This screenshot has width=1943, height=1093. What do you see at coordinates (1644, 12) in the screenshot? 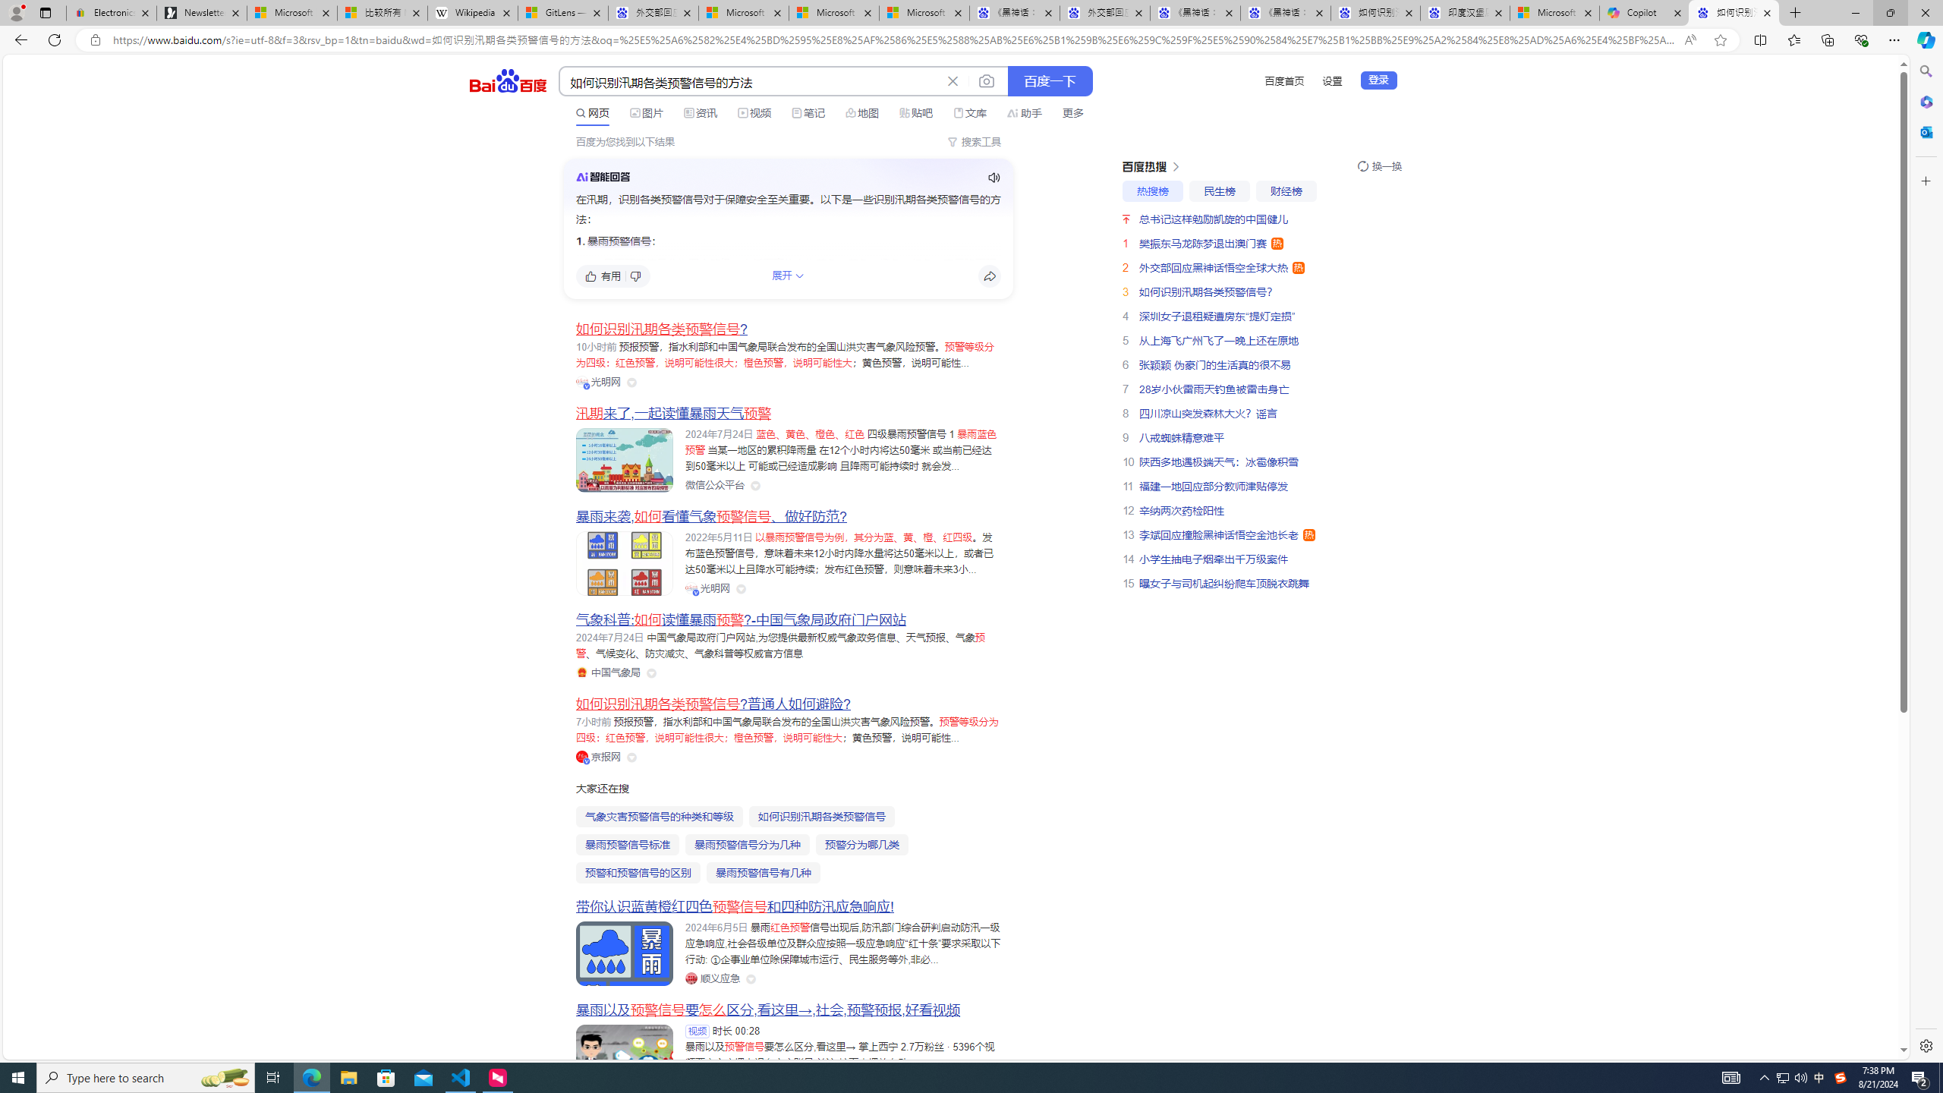
I see `'Copilot'` at bounding box center [1644, 12].